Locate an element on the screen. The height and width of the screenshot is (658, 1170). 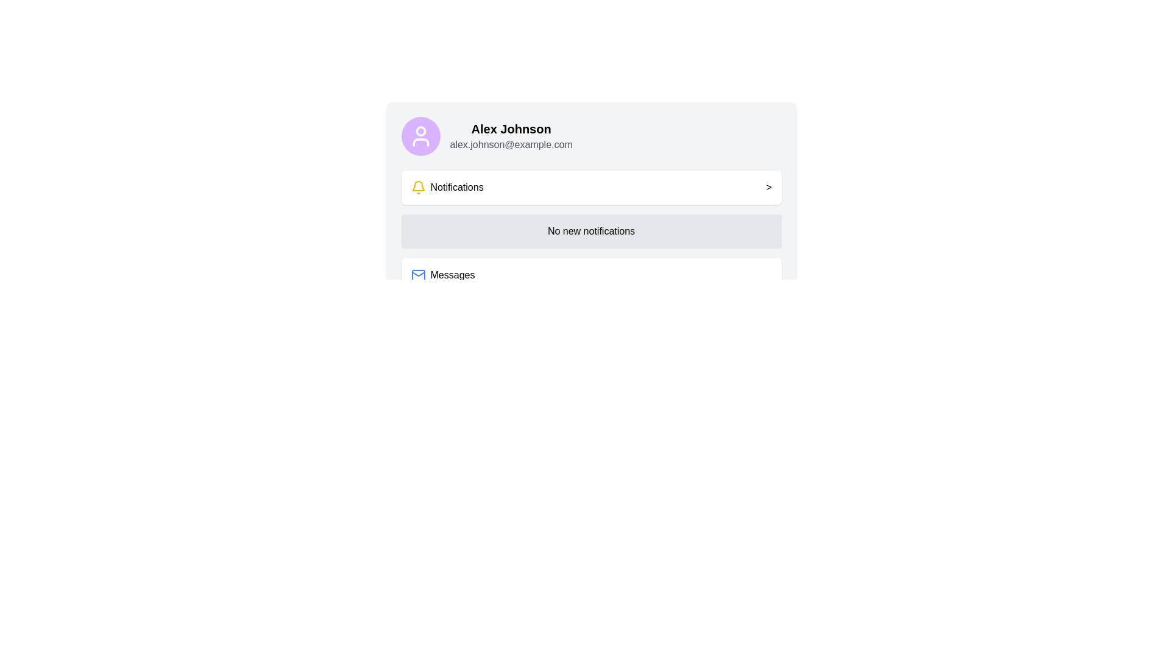
the email address text display below 'Alex Johnson' and to the right of the circular avatar icon is located at coordinates (511, 144).